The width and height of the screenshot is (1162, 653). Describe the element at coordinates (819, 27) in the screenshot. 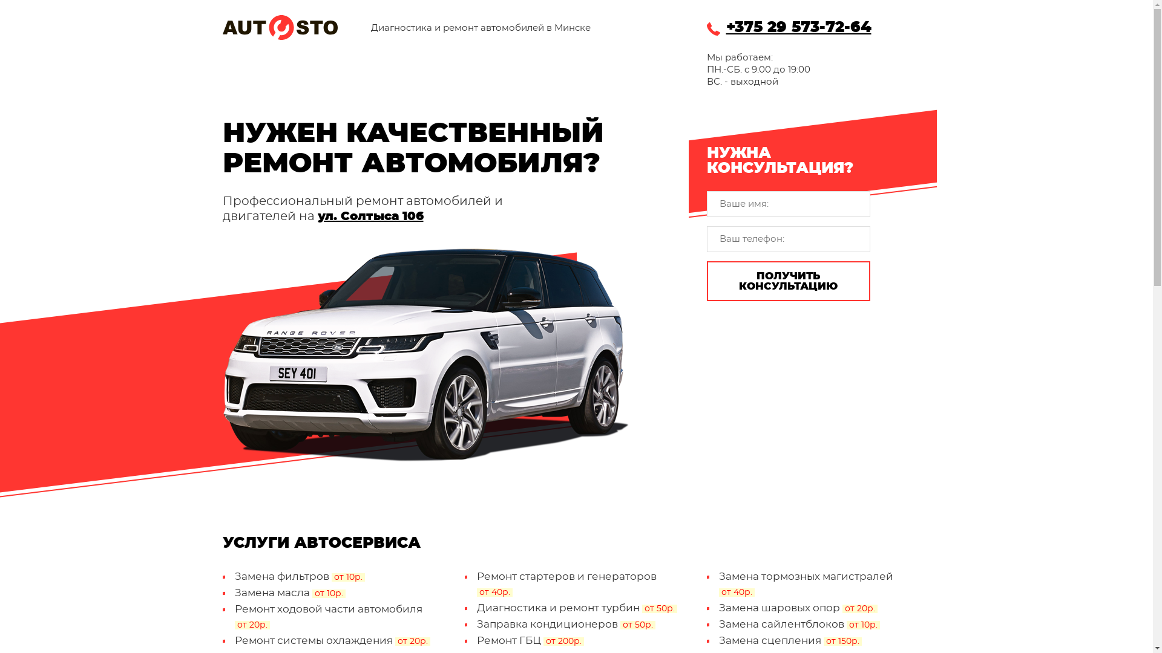

I see `'+375 29 573-72-64'` at that location.